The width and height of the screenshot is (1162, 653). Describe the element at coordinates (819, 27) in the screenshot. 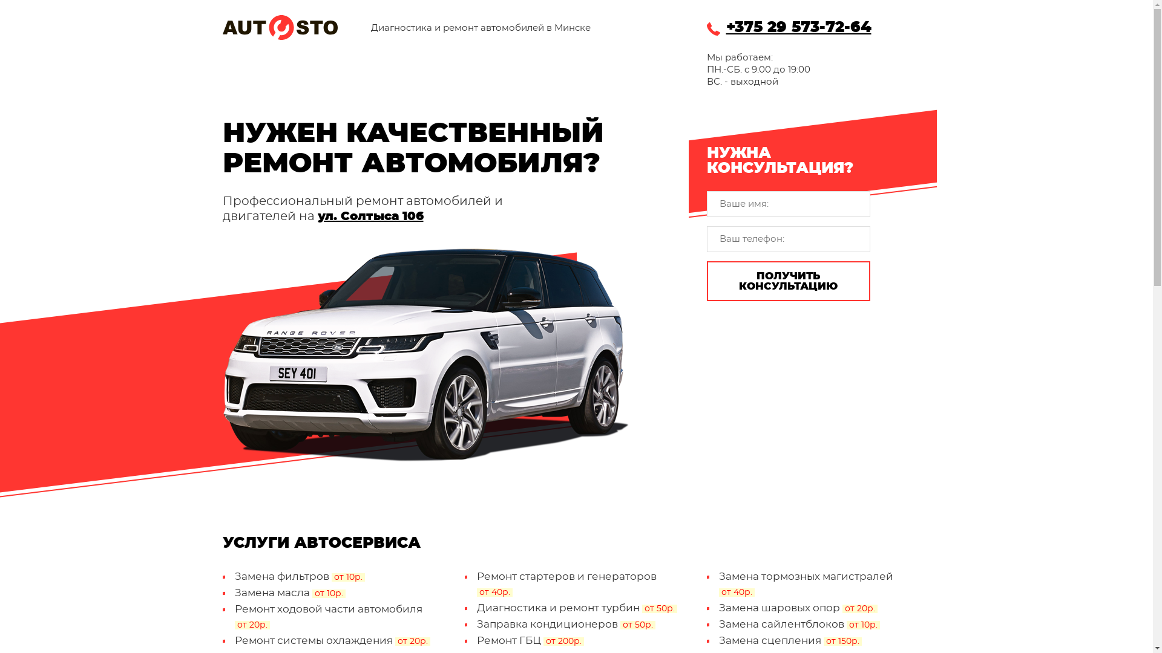

I see `'+375 29 573-72-64'` at that location.